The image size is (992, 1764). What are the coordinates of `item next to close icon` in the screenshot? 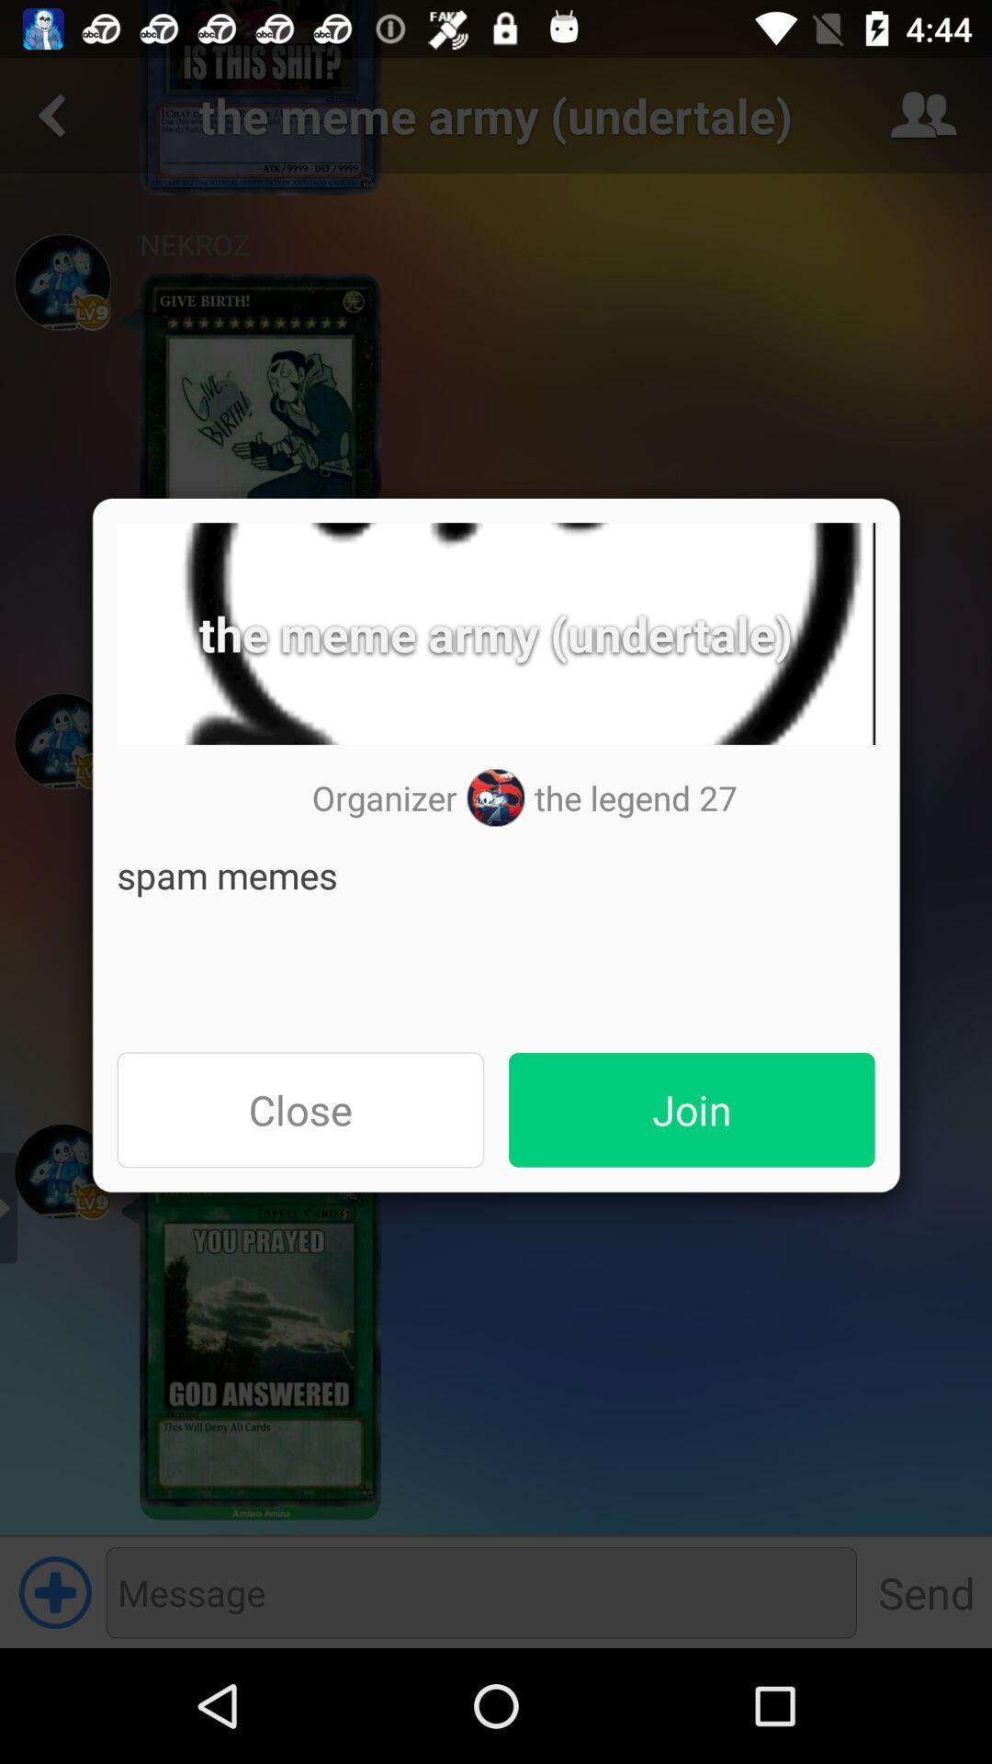 It's located at (692, 1109).